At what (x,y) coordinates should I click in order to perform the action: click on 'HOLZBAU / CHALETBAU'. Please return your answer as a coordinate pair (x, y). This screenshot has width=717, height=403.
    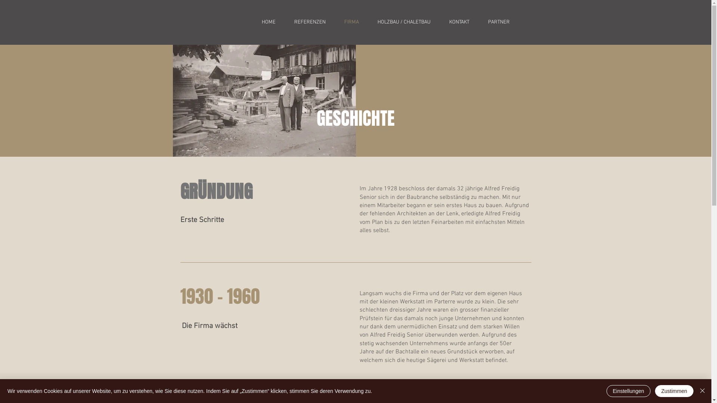
    Looking at the image, I should click on (368, 22).